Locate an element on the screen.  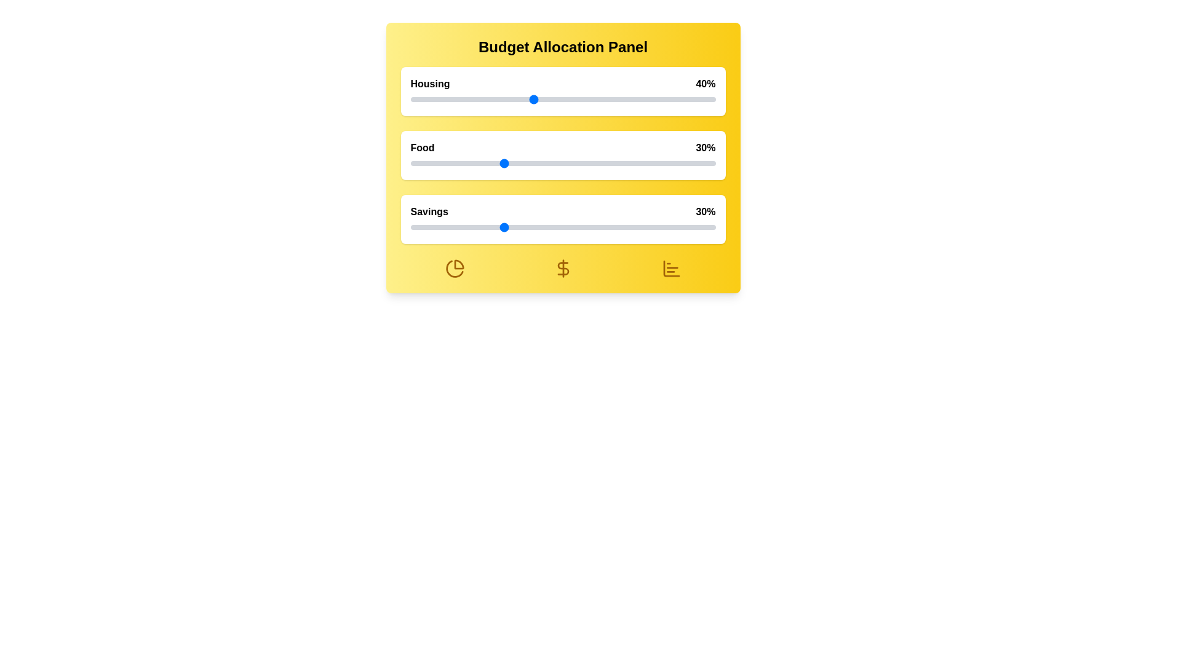
the housing budget allocation is located at coordinates (423, 99).